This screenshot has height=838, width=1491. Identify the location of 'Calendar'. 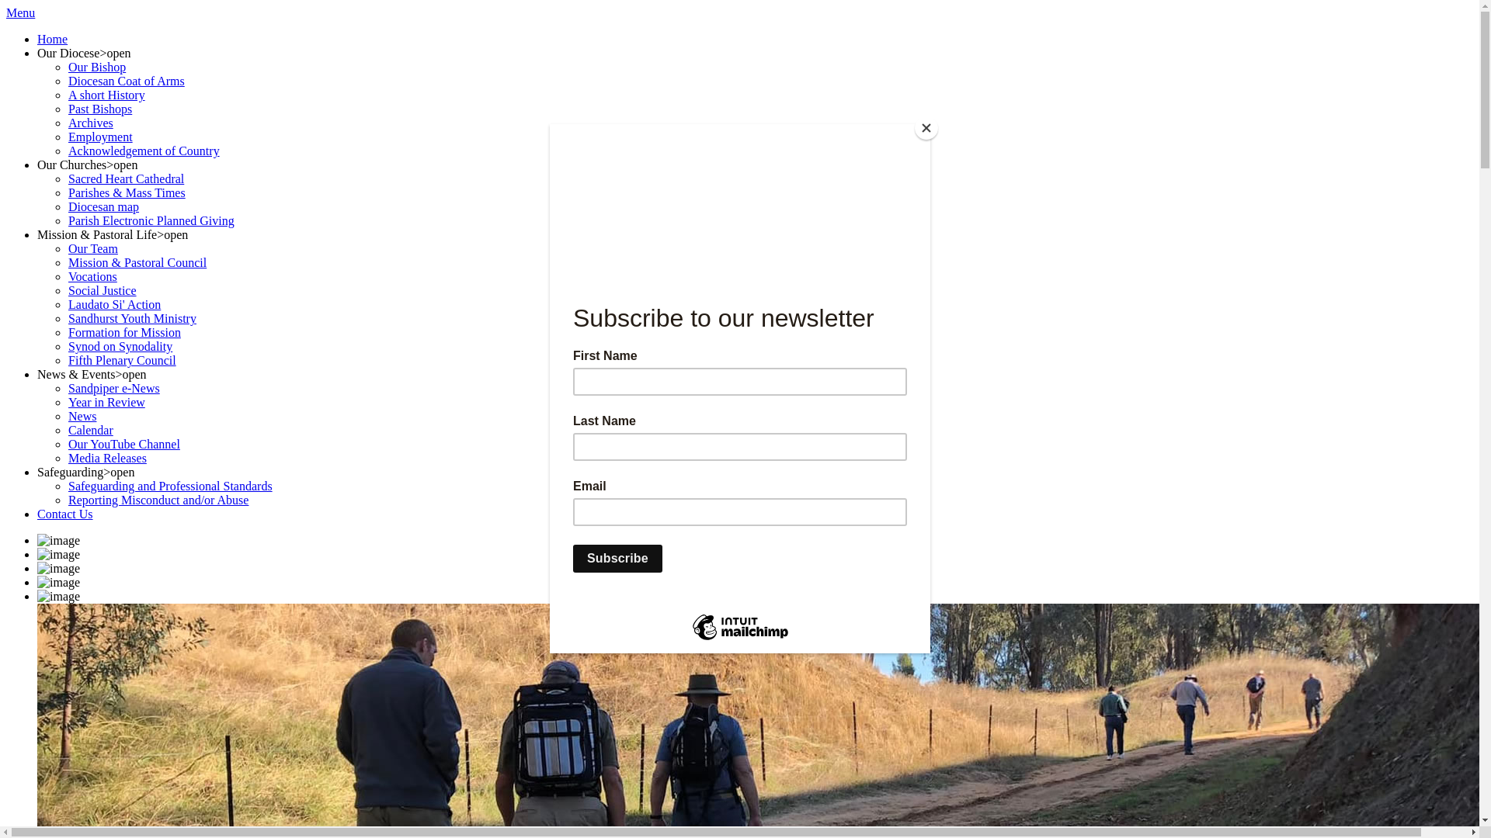
(89, 430).